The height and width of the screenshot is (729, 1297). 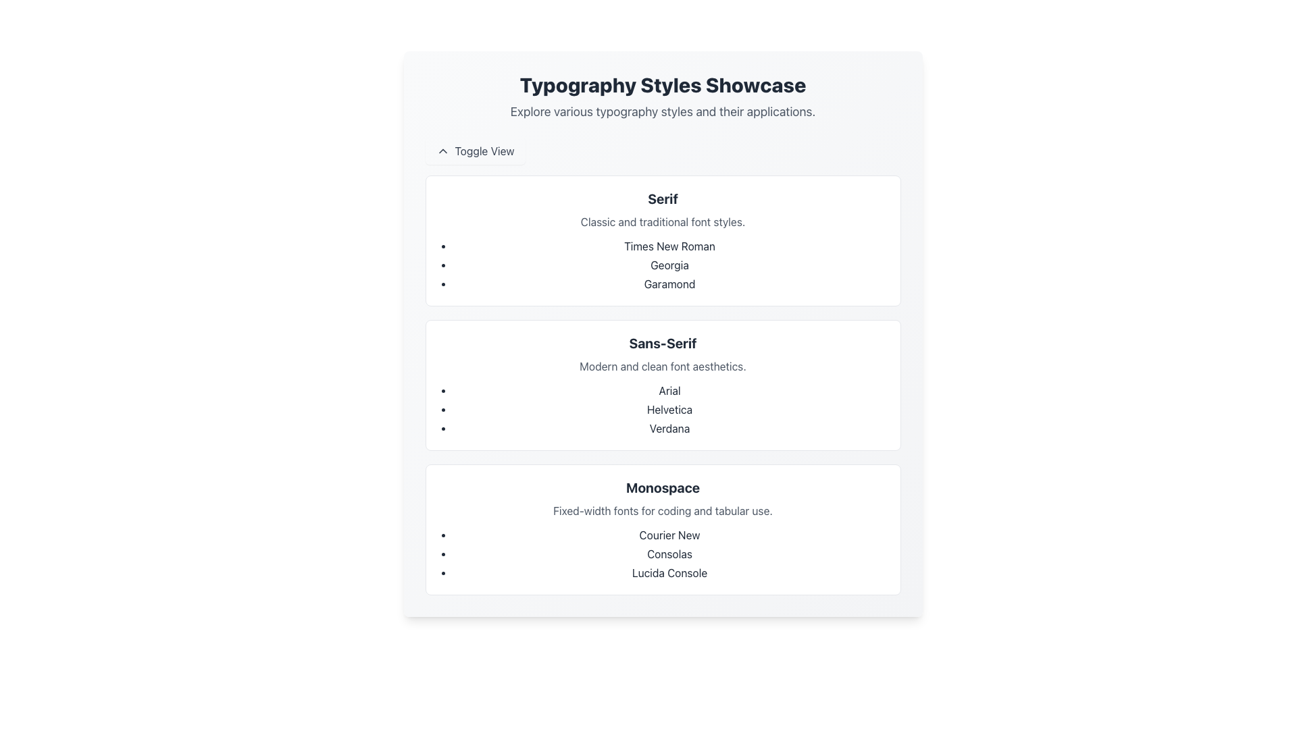 What do you see at coordinates (669, 554) in the screenshot?
I see `the Text Label displaying 'Consolas', which is the second item in the vertical list of monospace font names located within the 'Monospace' section` at bounding box center [669, 554].